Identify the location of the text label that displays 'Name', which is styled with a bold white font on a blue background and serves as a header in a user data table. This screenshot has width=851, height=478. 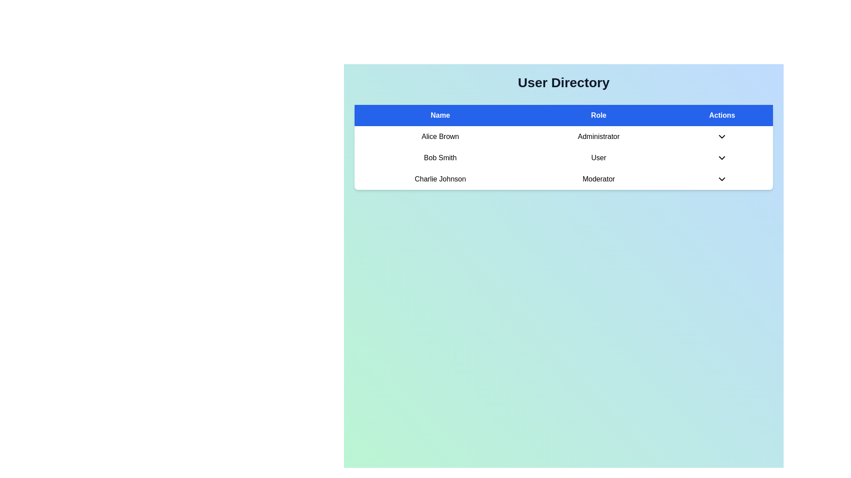
(440, 115).